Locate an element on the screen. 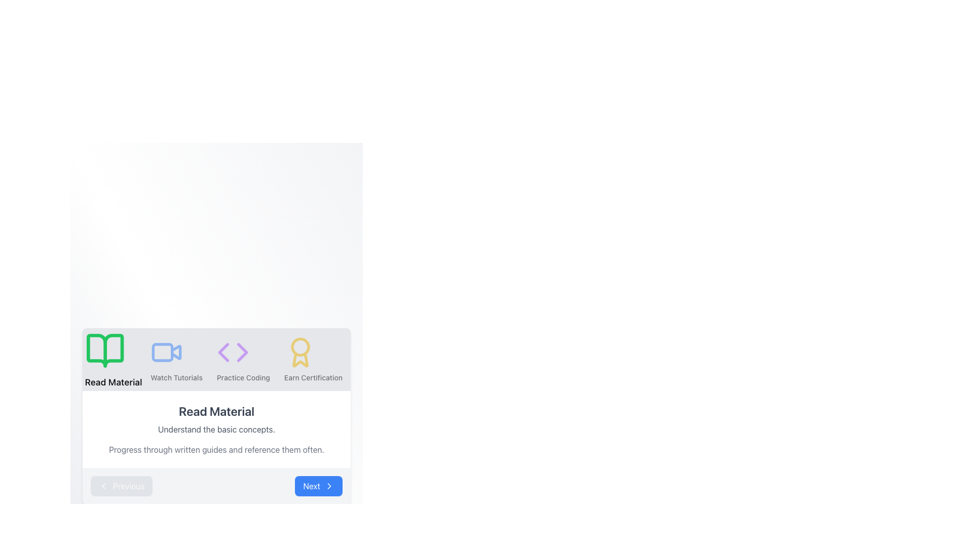  the interactive instruction/navigation bar containing sections labeled 'Read Material', 'Watch Tutorials', 'Practice Coding', and 'Earn Certification' is located at coordinates (216, 359).